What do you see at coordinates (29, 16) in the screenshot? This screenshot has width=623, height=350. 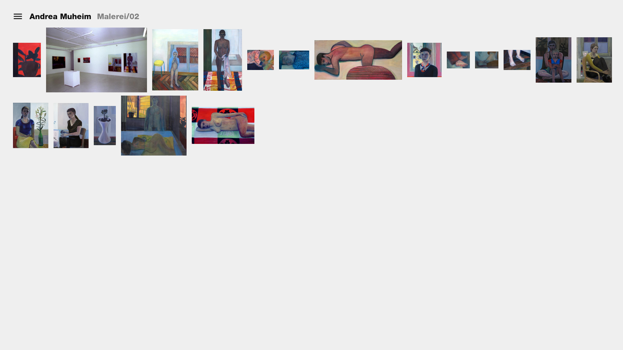 I see `'Andrea Muheim'` at bounding box center [29, 16].